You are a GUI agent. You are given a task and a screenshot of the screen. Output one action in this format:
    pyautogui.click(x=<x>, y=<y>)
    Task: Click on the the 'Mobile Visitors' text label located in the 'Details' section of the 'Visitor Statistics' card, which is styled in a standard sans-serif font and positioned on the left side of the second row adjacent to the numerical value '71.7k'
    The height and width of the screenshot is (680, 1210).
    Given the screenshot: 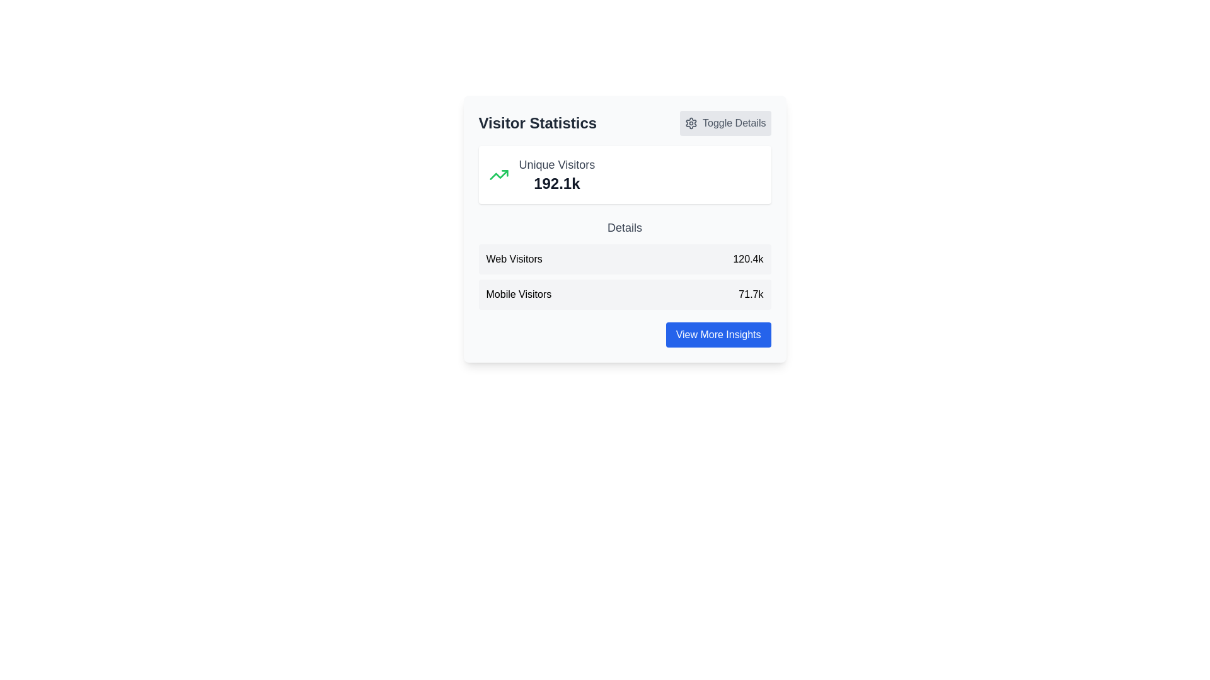 What is the action you would take?
    pyautogui.click(x=519, y=294)
    